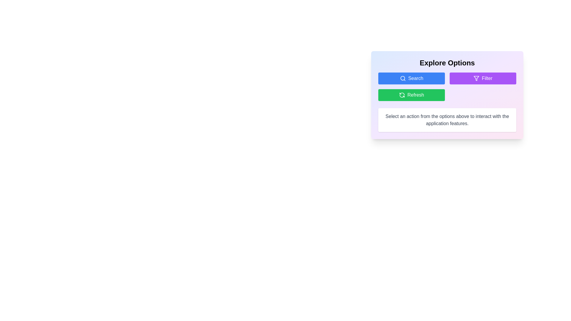 The height and width of the screenshot is (321, 571). I want to click on the informational label containing the text 'Select an action from the options above to interact with the application features.' which is located at the bottom of the card-like structure with a gradient background, so click(447, 120).